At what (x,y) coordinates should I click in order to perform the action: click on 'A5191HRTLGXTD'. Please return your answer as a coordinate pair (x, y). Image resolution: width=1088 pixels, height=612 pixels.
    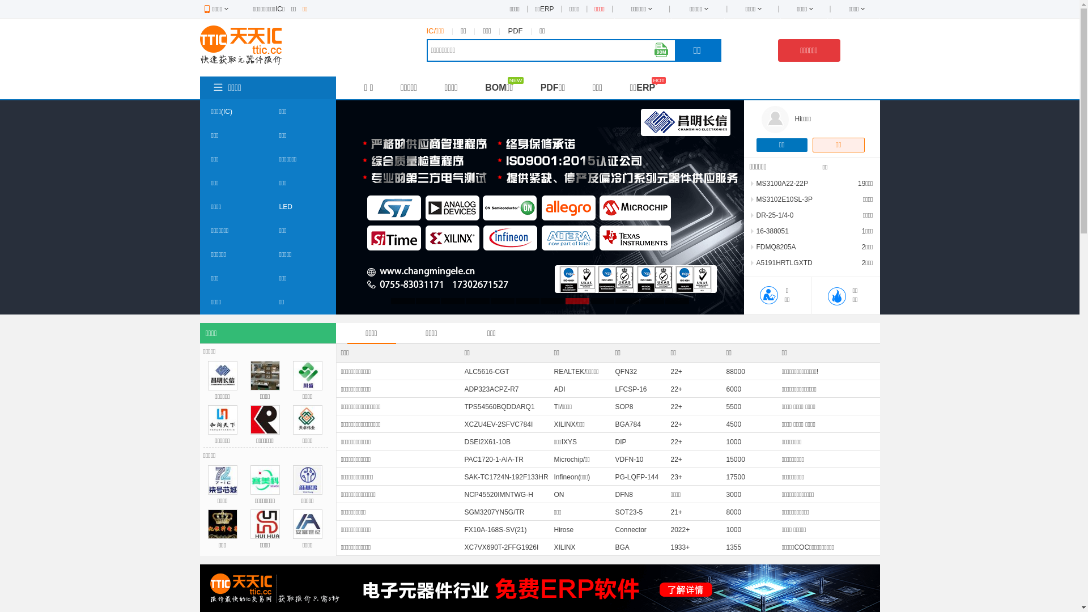
    Looking at the image, I should click on (783, 262).